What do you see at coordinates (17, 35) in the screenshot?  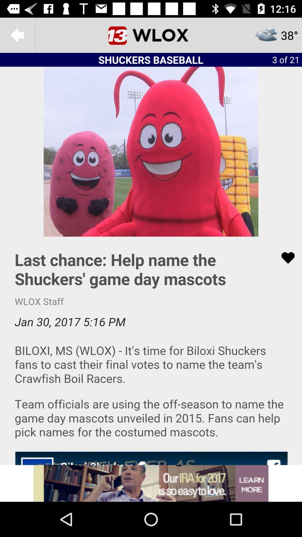 I see `the arrow_backward icon` at bounding box center [17, 35].